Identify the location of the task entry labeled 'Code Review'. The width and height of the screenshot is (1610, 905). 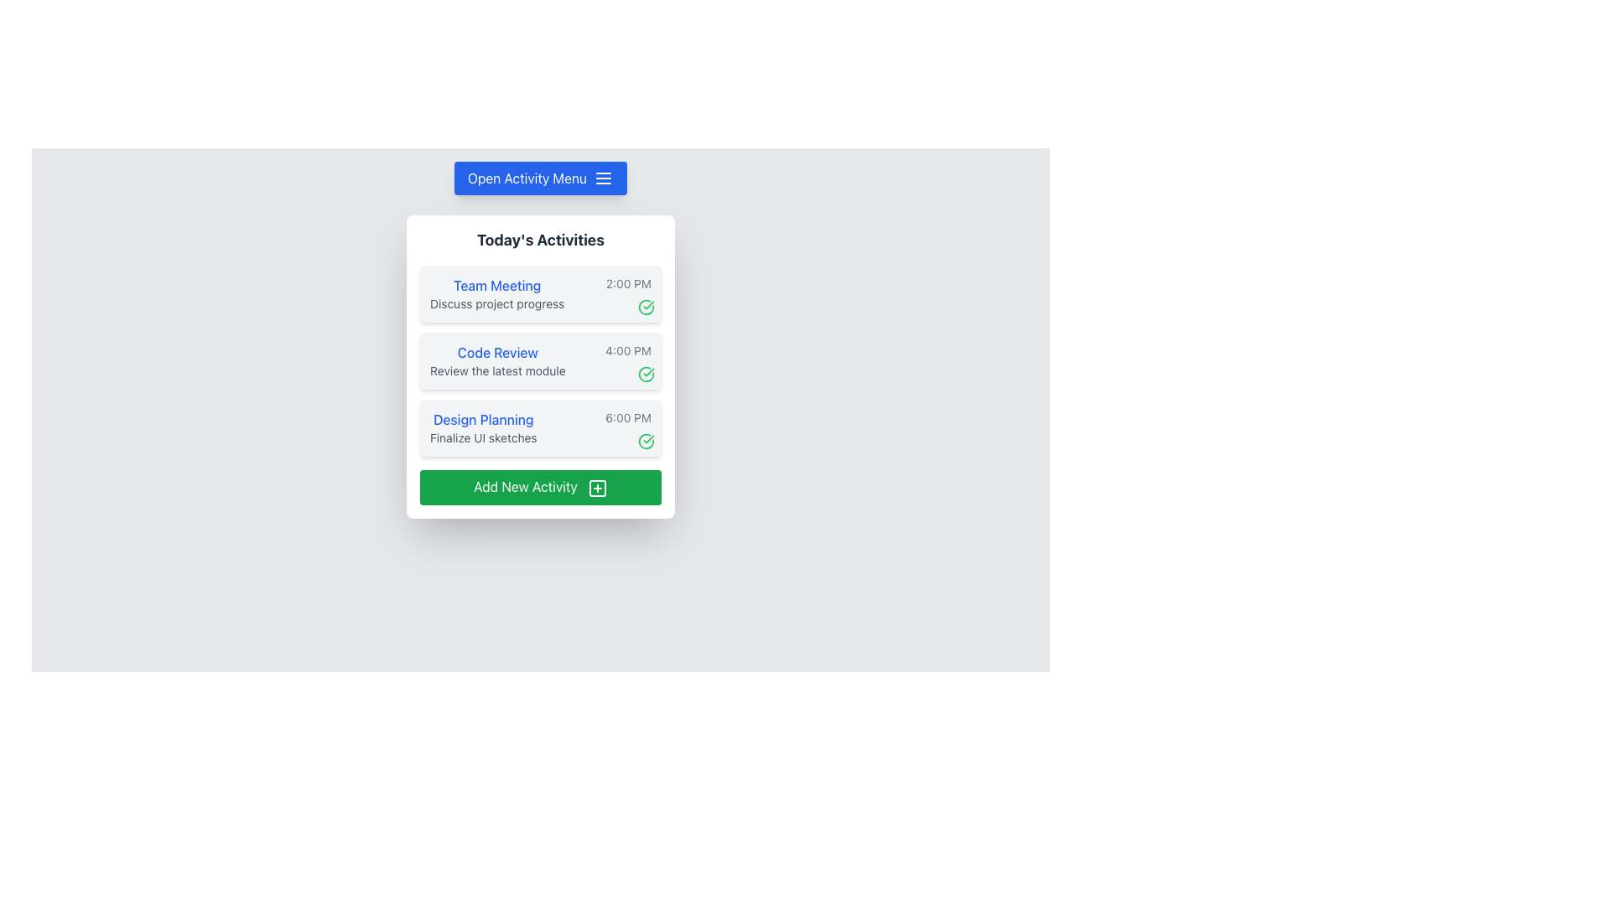
(540, 360).